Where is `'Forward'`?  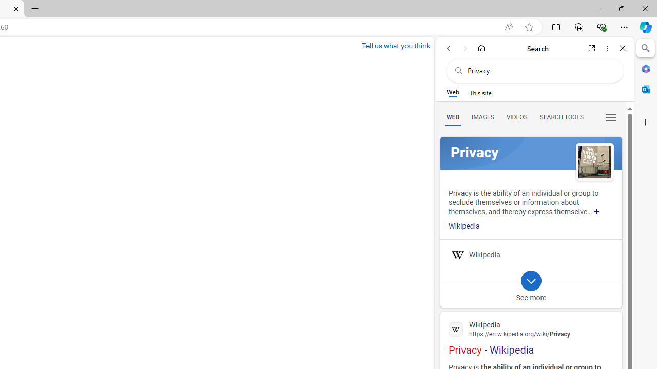
'Forward' is located at coordinates (465, 48).